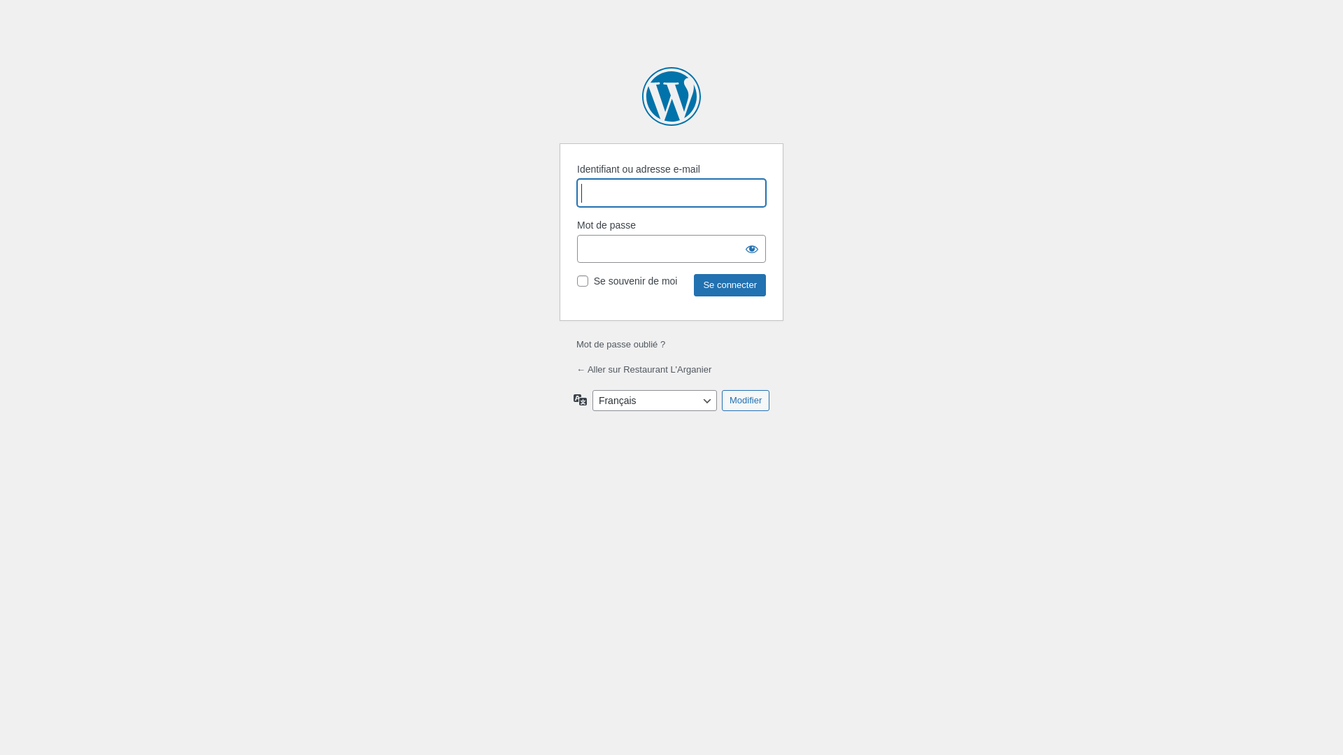 The image size is (1343, 755). Describe the element at coordinates (744, 401) in the screenshot. I see `'Modifier'` at that location.